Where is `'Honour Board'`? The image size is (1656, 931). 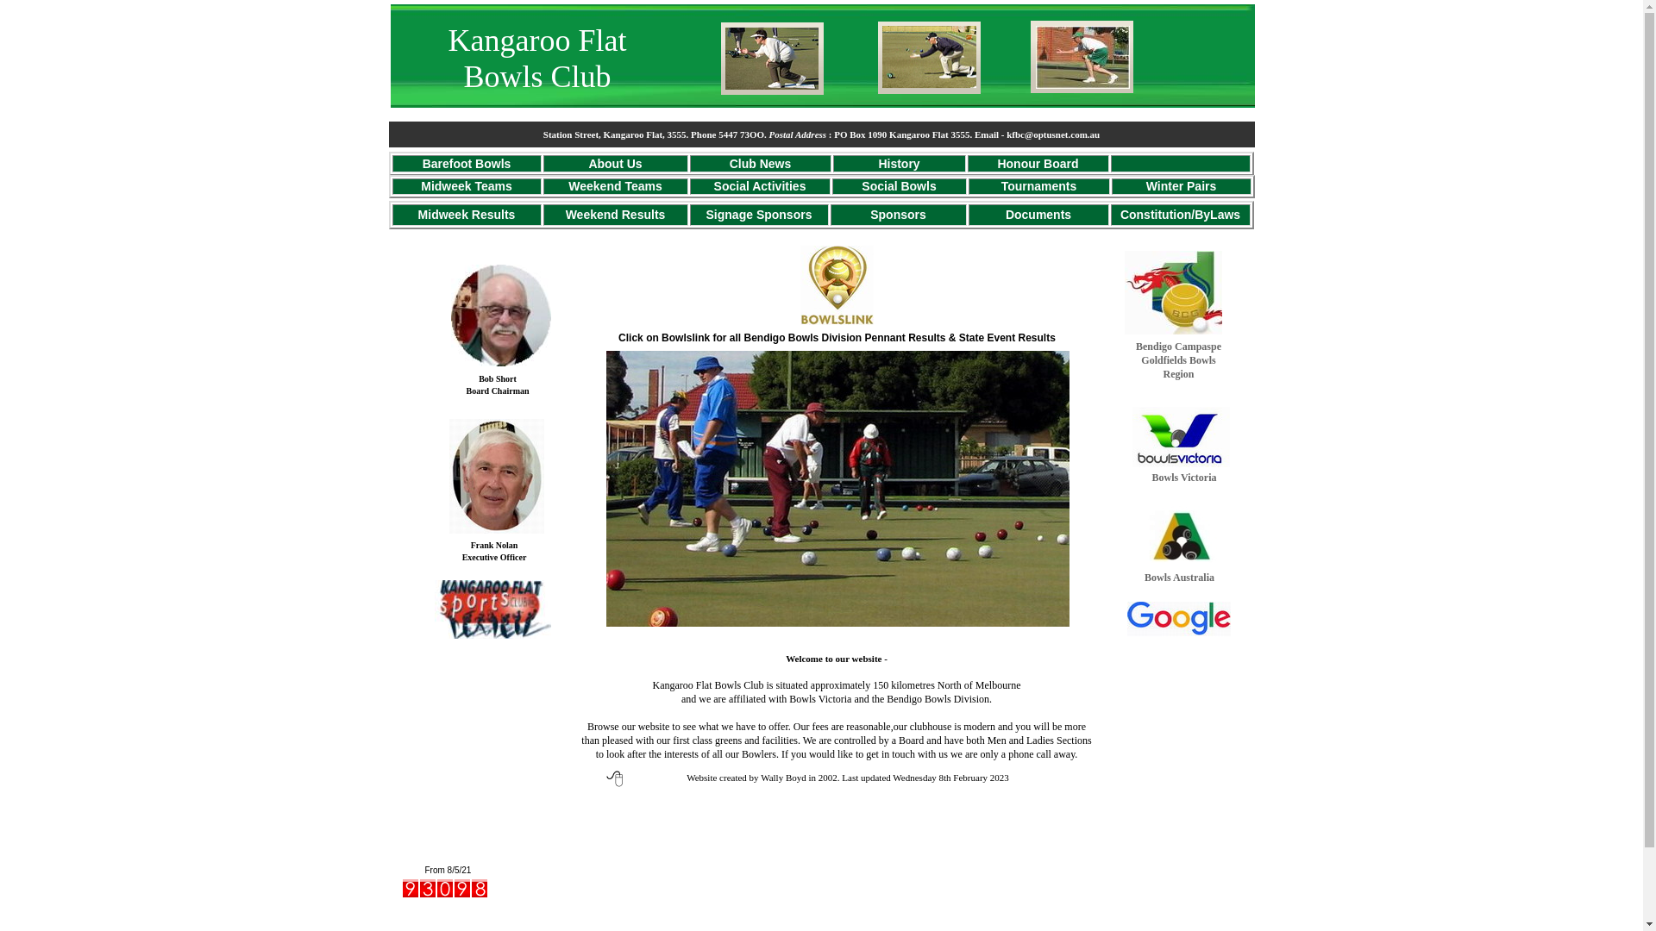 'Honour Board' is located at coordinates (1037, 162).